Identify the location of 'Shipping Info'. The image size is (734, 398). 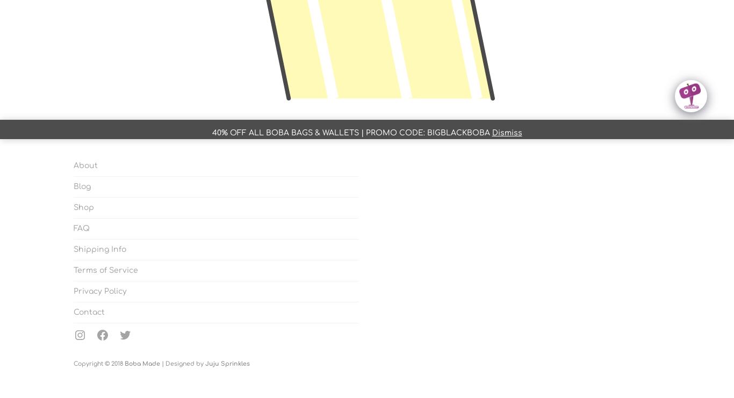
(98, 249).